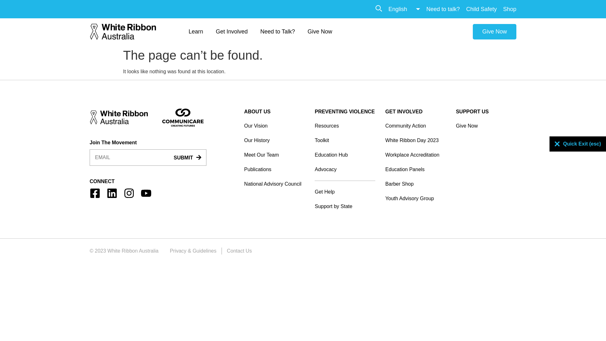 This screenshot has height=341, width=606. Describe the element at coordinates (193, 250) in the screenshot. I see `'Privacy & Guidelines'` at that location.